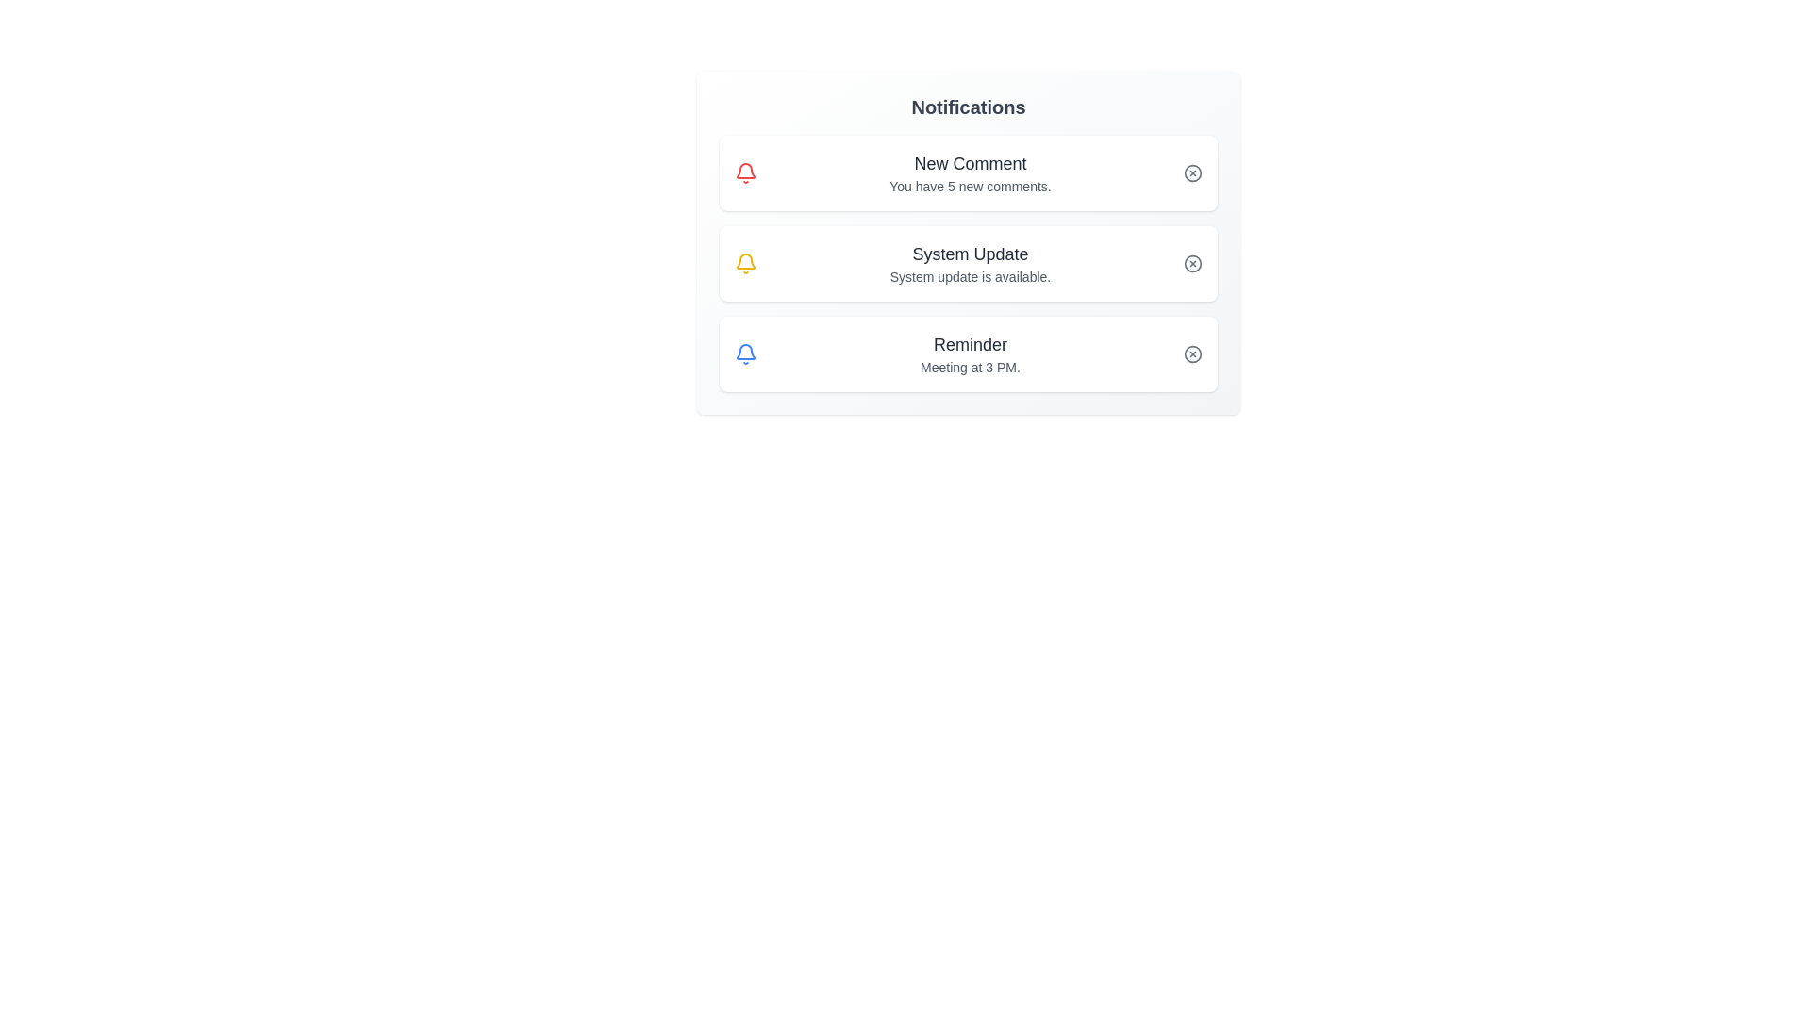 The image size is (1811, 1018). I want to click on text of the additional descriptive information provided by the Text Label located below the 'System Update' heading in the second notification card, so click(970, 276).